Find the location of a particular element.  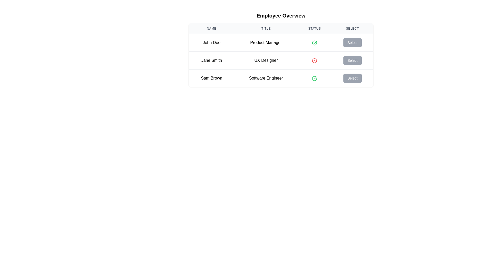

the status icon with a green circle and check mark located in the third column of the first row in the 'STATUS' column of a table is located at coordinates (314, 42).